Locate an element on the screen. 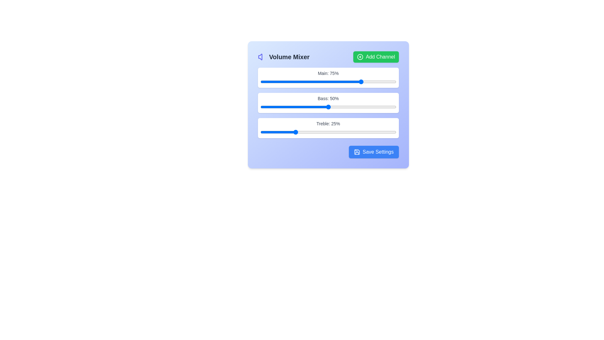 The width and height of the screenshot is (604, 340). the main volume is located at coordinates (277, 81).